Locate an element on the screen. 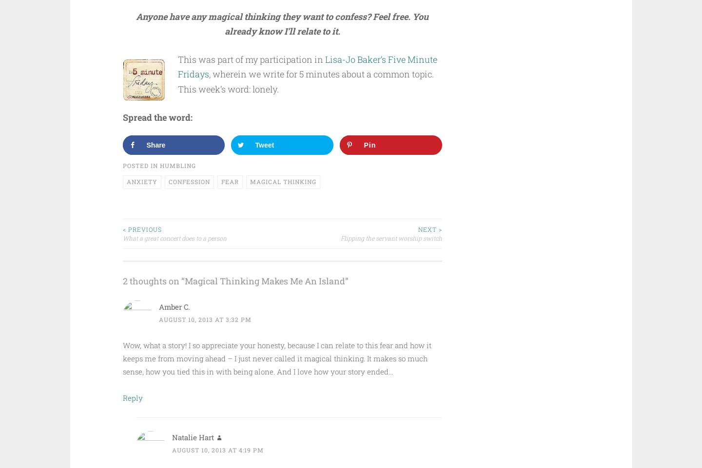 The width and height of the screenshot is (702, 468). 'Humbling' is located at coordinates (177, 165).